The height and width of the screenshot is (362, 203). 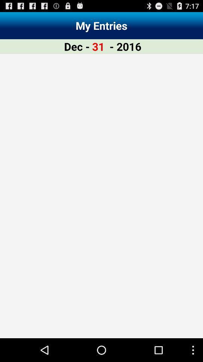 What do you see at coordinates (125, 46) in the screenshot?
I see `the item to the right of the 31 app` at bounding box center [125, 46].